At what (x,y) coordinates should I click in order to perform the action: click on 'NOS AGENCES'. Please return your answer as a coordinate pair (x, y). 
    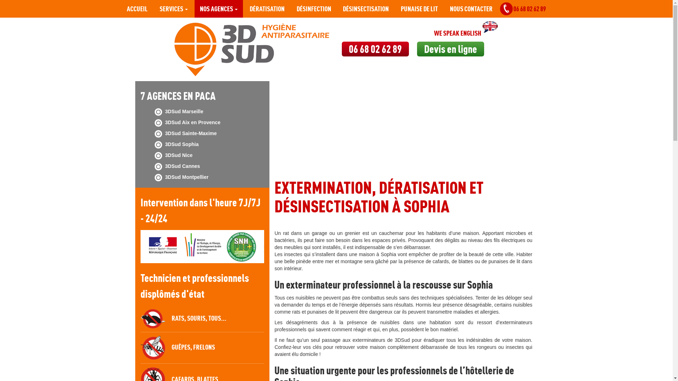
    Looking at the image, I should click on (218, 8).